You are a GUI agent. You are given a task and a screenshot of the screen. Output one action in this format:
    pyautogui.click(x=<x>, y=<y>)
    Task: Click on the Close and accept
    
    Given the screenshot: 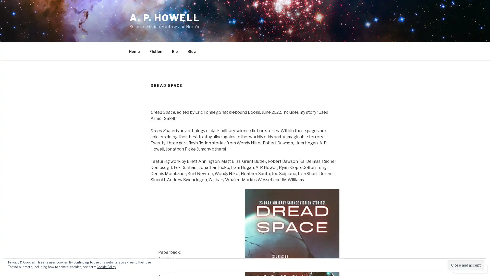 What is the action you would take?
    pyautogui.click(x=466, y=265)
    